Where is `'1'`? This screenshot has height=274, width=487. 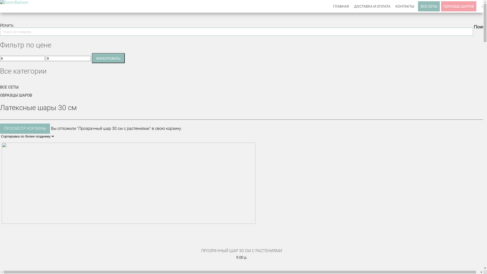
'1' is located at coordinates (482, 6).